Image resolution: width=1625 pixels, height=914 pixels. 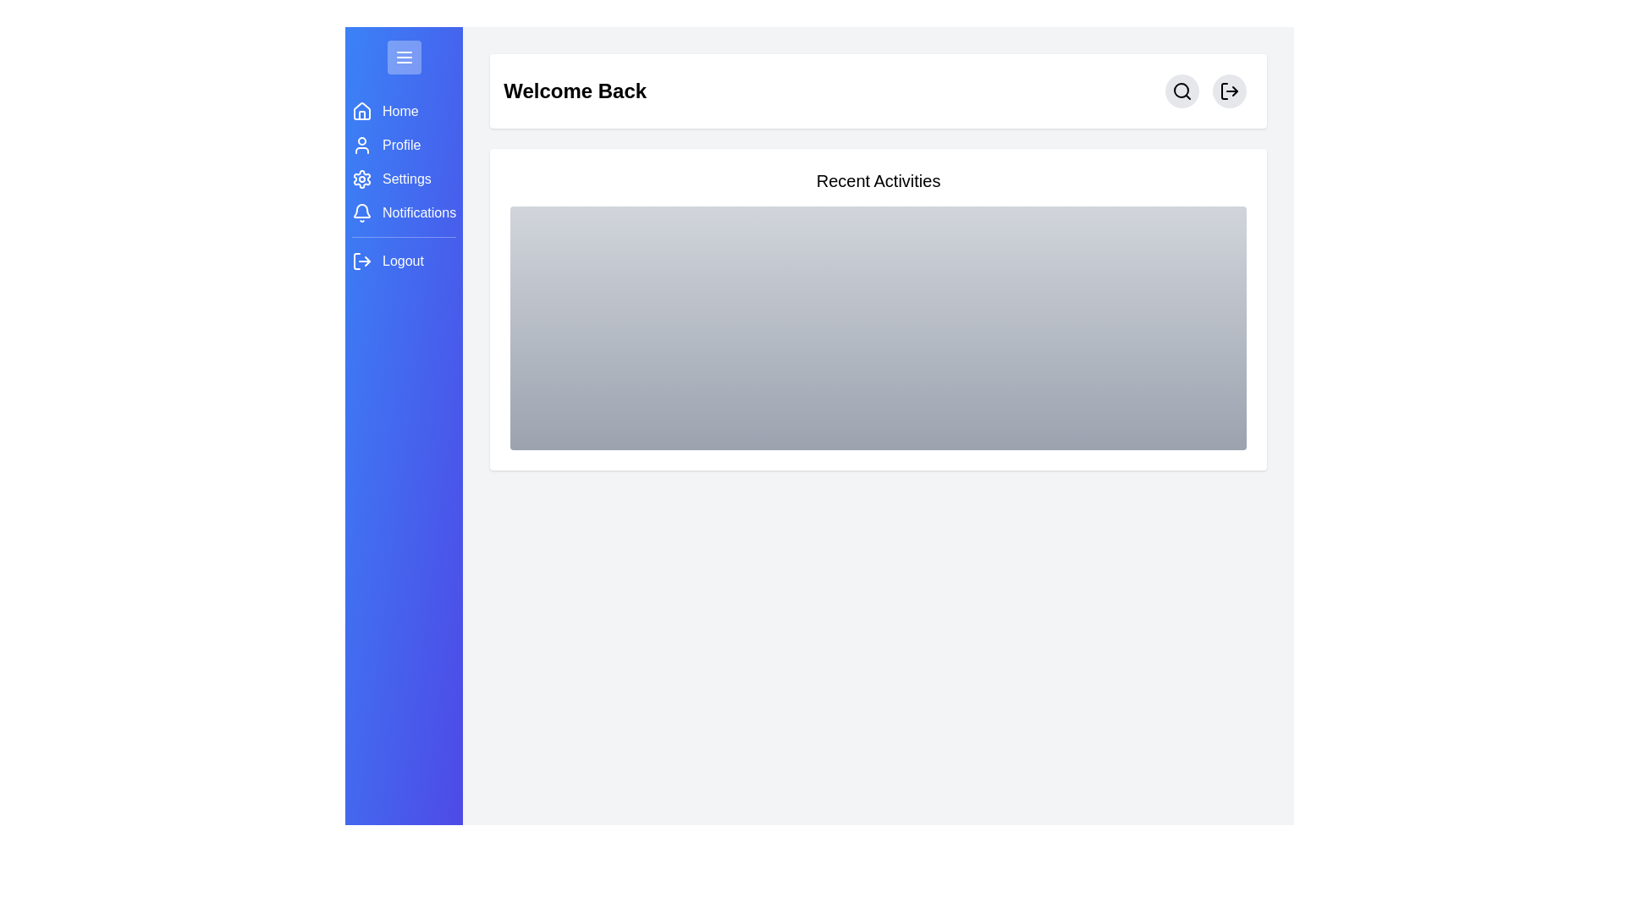 I want to click on the 'Settings' button, which is a horizontal item with a gear icon and white text on a blue background, located as the third item, so click(x=403, y=179).